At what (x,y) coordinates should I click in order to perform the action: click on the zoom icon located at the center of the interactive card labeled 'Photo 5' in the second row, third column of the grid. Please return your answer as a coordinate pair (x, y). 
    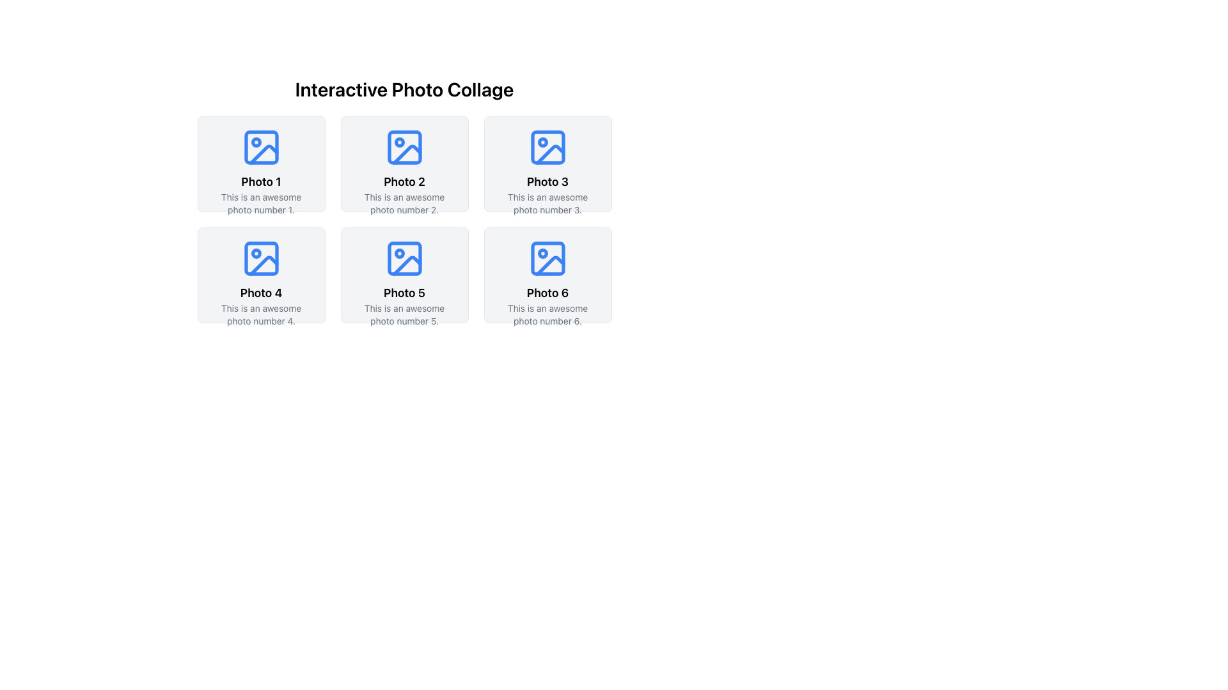
    Looking at the image, I should click on (404, 275).